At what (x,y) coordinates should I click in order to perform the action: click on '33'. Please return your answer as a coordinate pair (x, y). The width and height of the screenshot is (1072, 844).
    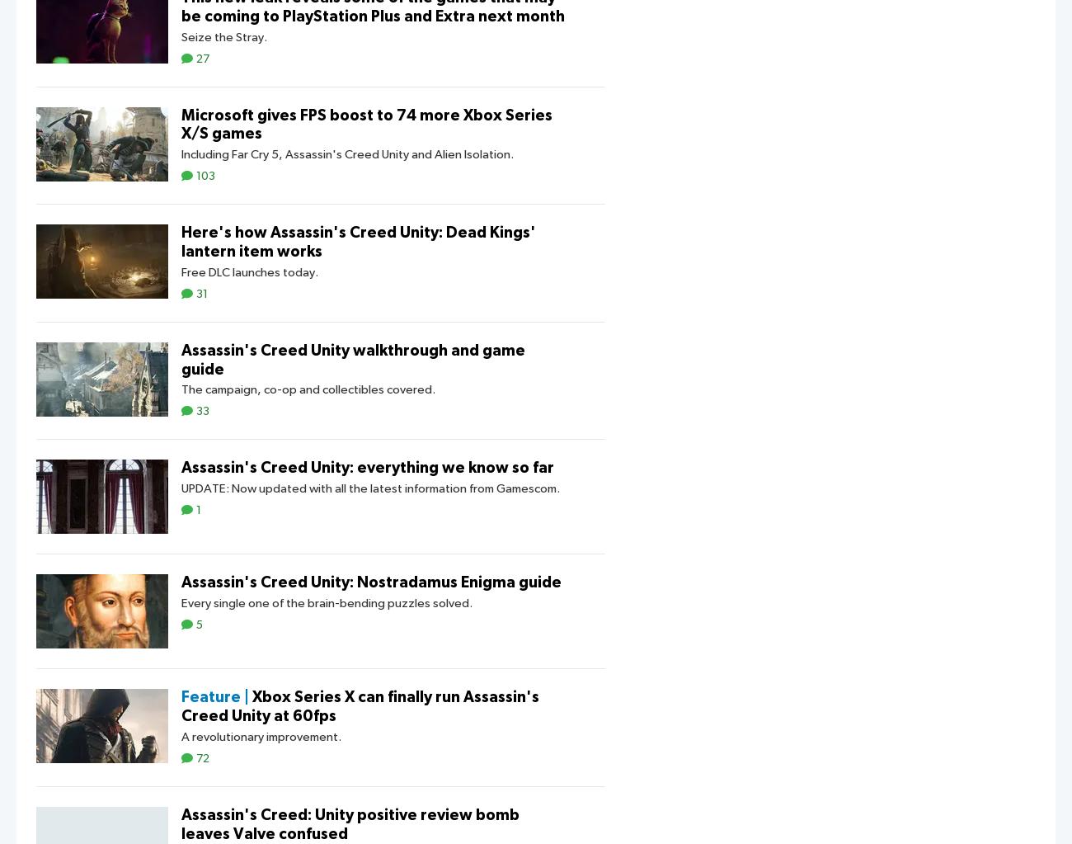
    Looking at the image, I should click on (201, 412).